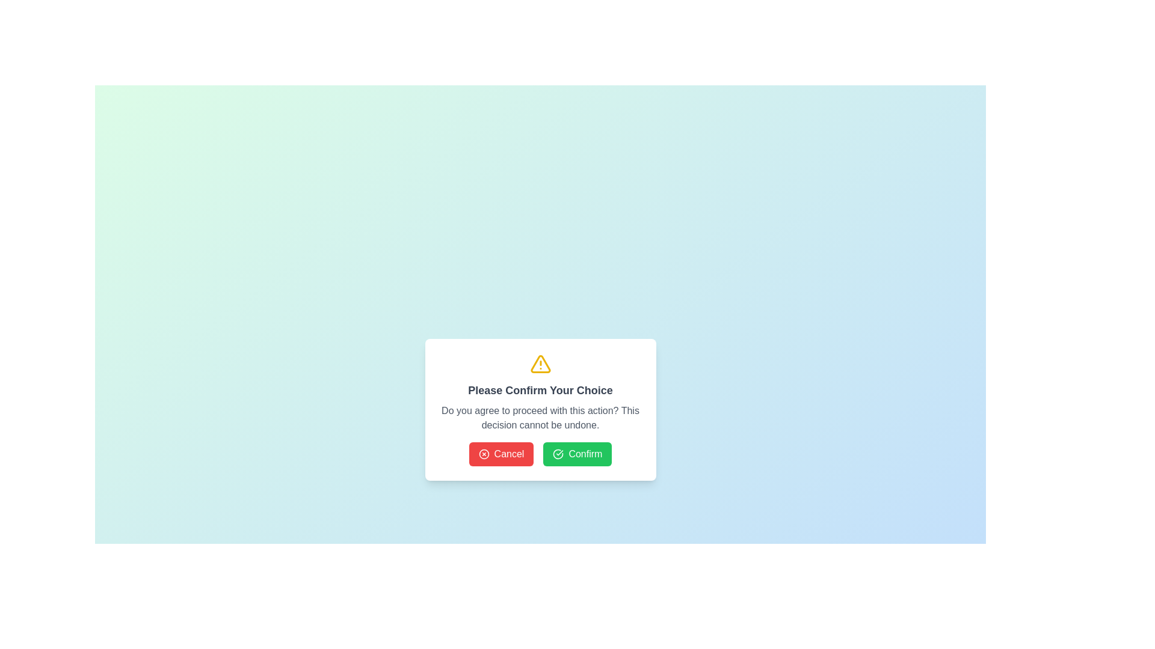 This screenshot has height=649, width=1155. What do you see at coordinates (577, 454) in the screenshot?
I see `the confirmation button located to the right of the red 'Cancel' button at the bottom of the modal to confirm the action` at bounding box center [577, 454].